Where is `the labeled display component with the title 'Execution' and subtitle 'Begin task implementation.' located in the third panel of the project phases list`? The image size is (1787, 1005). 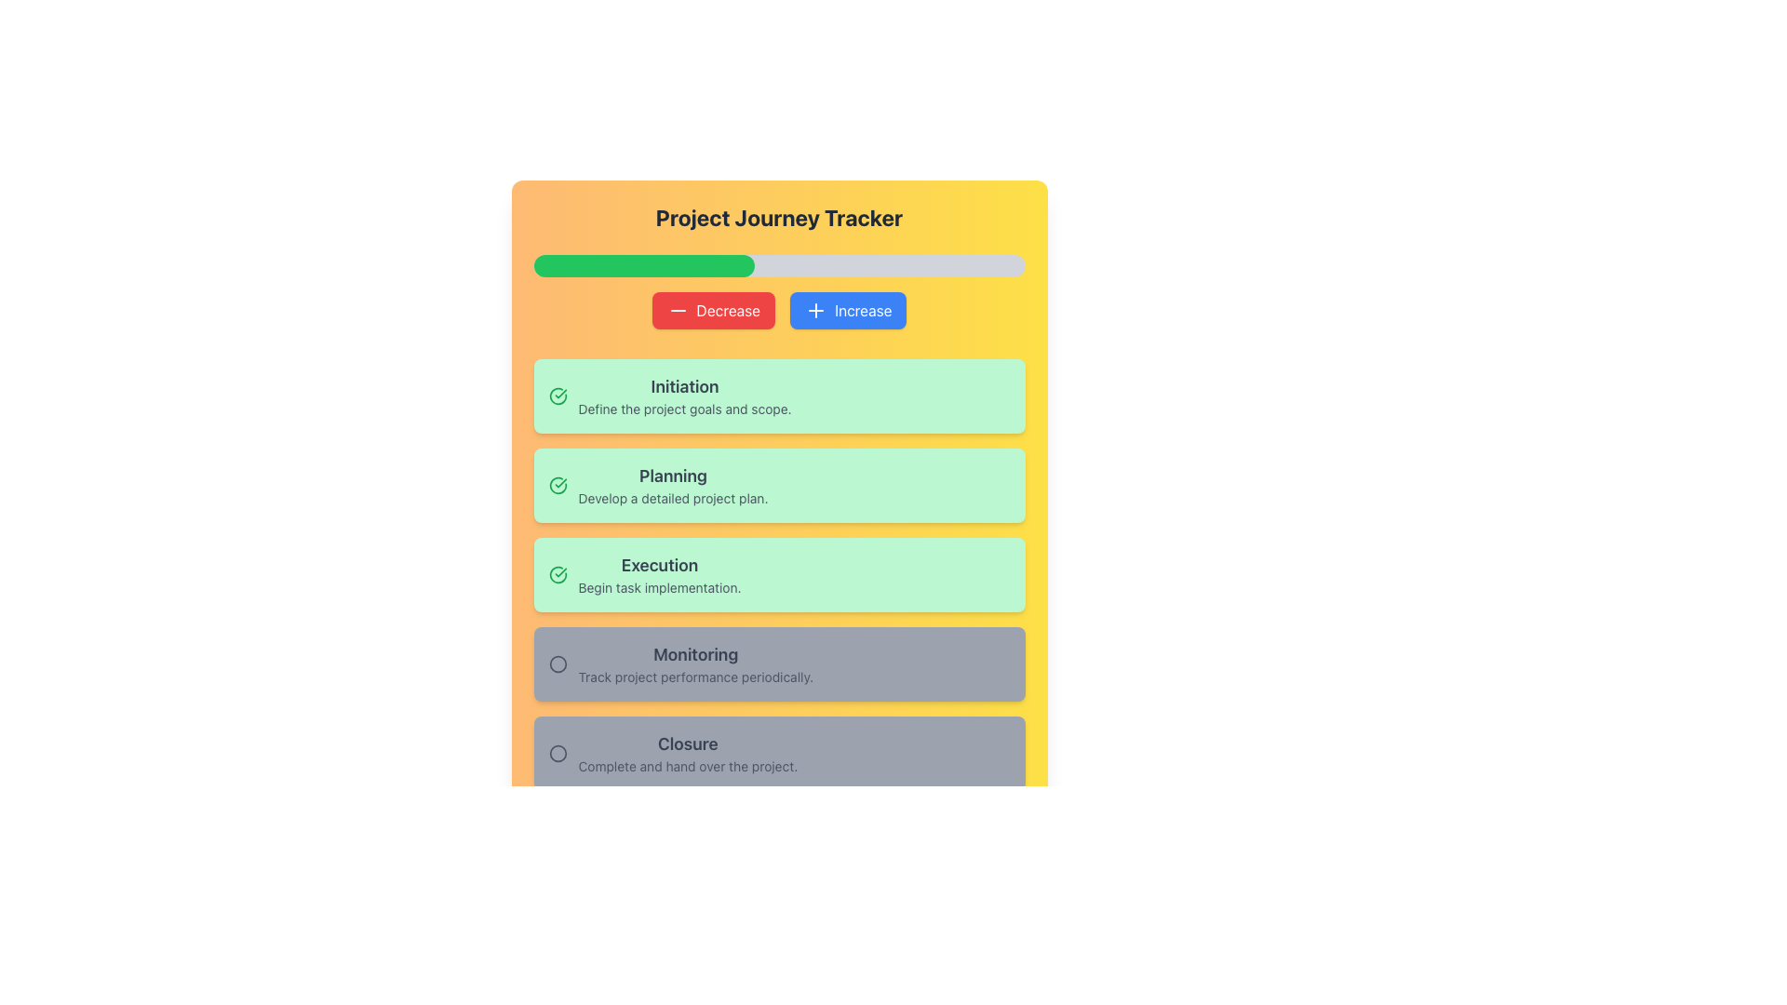
the labeled display component with the title 'Execution' and subtitle 'Begin task implementation.' located in the third panel of the project phases list is located at coordinates (660, 573).